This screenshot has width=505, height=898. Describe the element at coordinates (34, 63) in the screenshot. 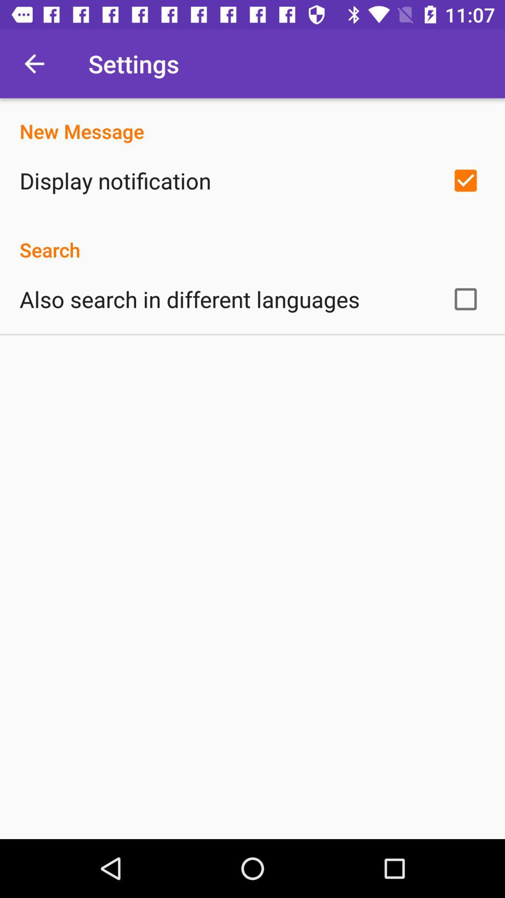

I see `the item above the new message item` at that location.